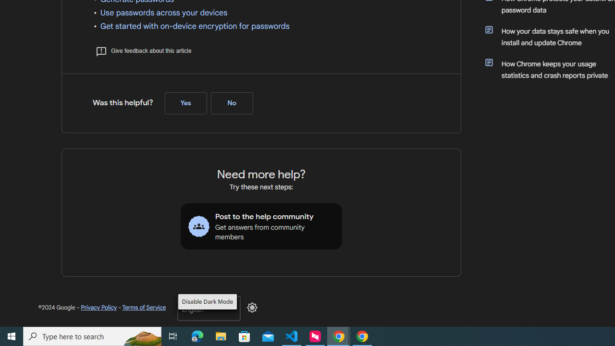  I want to click on 'No (Was this helpful?)', so click(232, 103).